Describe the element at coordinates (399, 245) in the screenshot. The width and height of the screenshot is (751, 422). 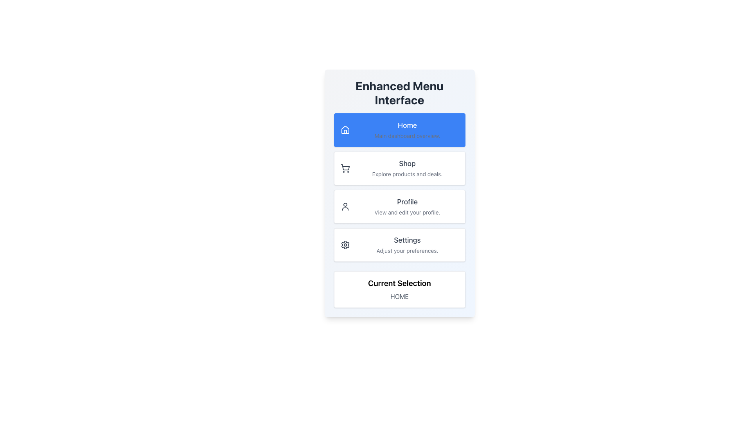
I see `the 'Settings' button, which displays the text 'Settings' and 'Adjust your preferences.' with a gear symbol on the left, positioned centrally in the menu` at that location.